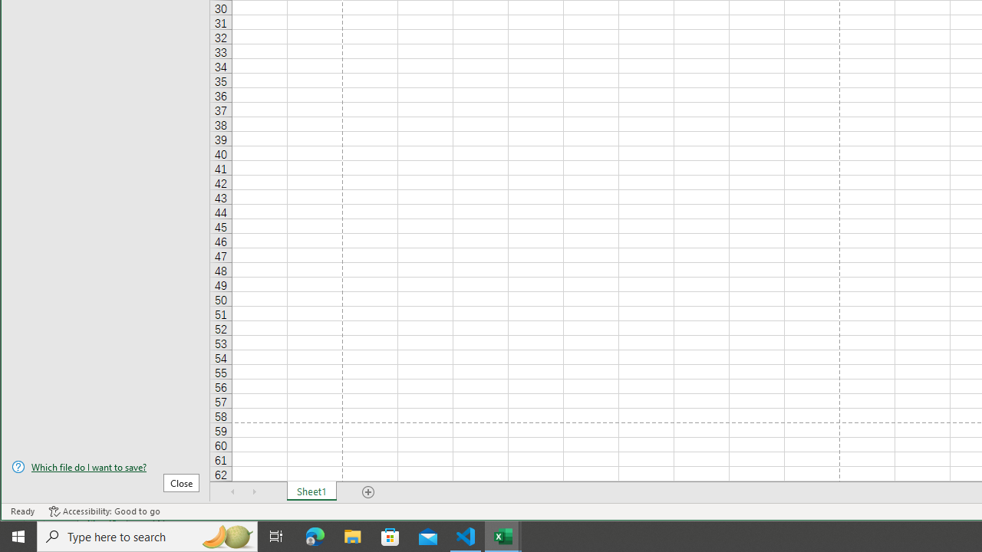 This screenshot has width=982, height=552. I want to click on 'Search highlights icon opens search home window', so click(226, 535).